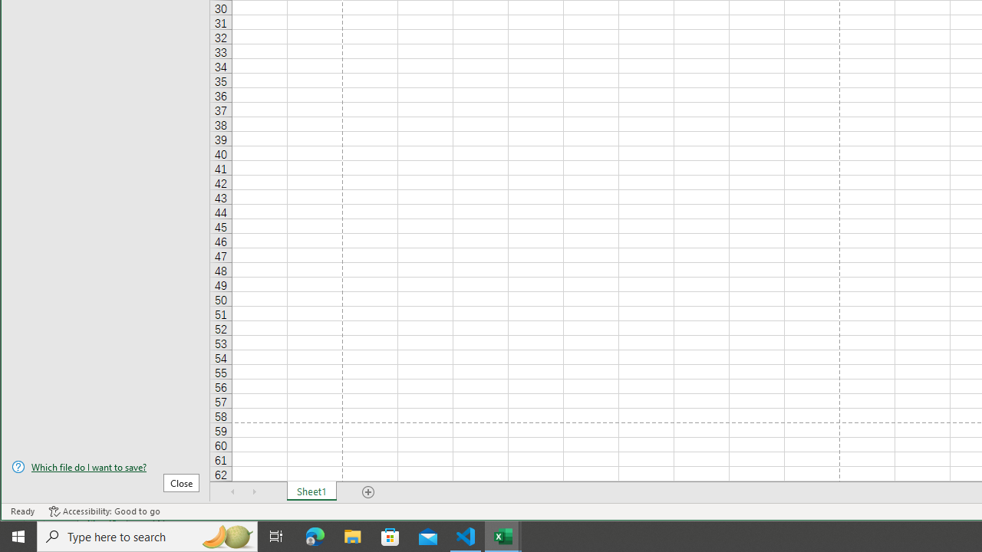 This screenshot has width=982, height=552. I want to click on 'Search highlights icon opens search home window', so click(226, 535).